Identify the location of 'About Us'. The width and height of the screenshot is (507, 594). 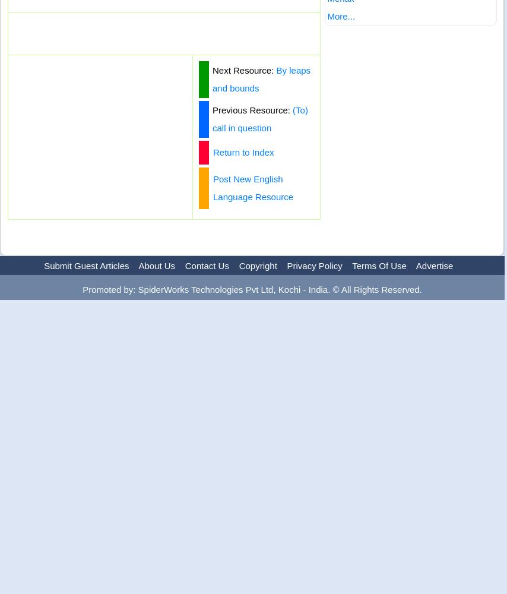
(138, 265).